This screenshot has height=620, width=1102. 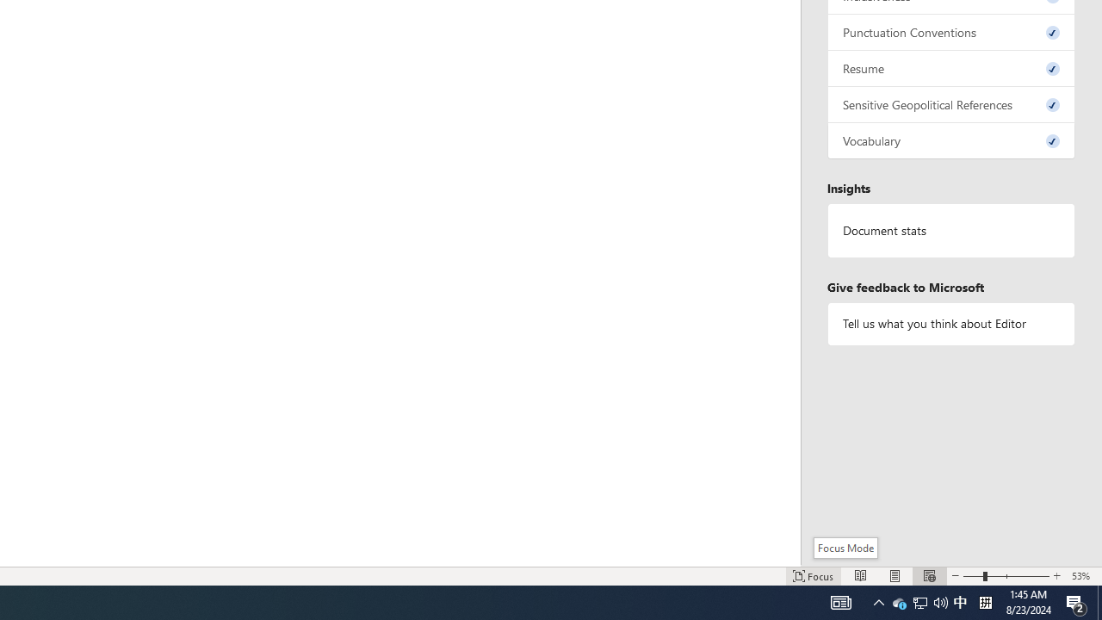 I want to click on 'Focus Mode', so click(x=845, y=548).